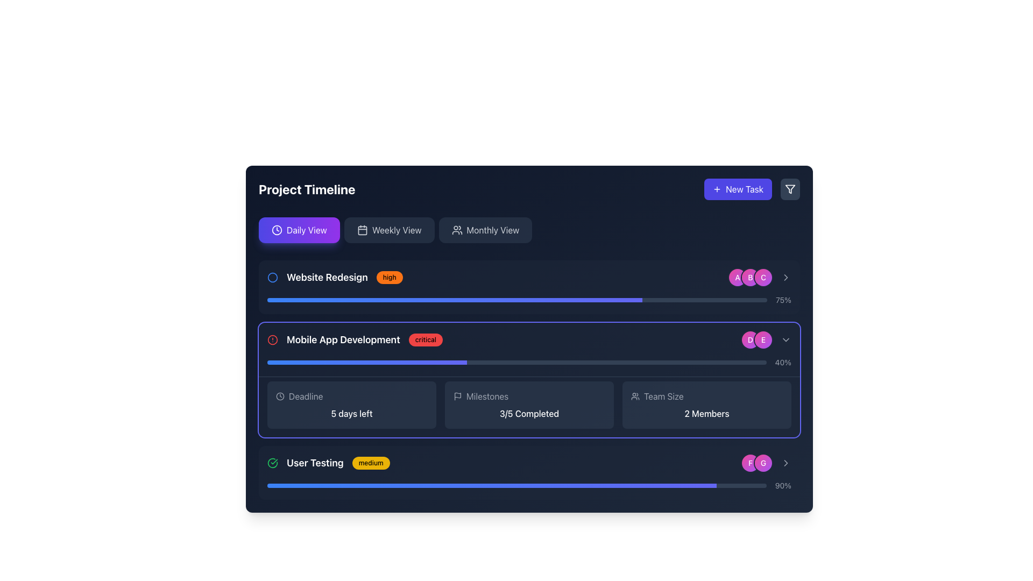 The height and width of the screenshot is (581, 1033). Describe the element at coordinates (707, 405) in the screenshot. I see `the informational display field showing 'Team Size' with the icon of two user silhouettes and the text '2 Members'` at that location.